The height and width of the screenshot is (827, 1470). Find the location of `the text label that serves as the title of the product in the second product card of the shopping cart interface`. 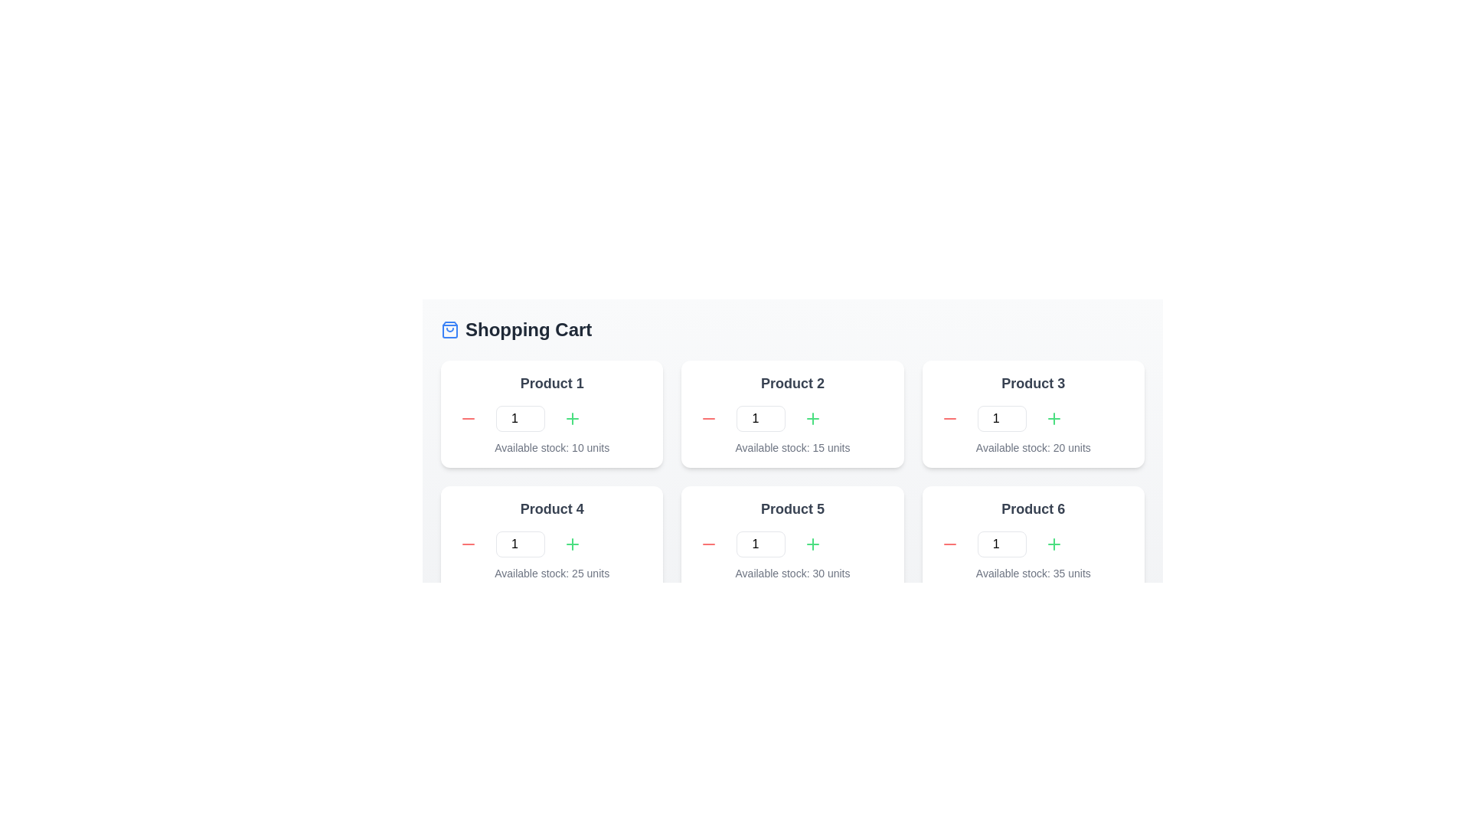

the text label that serves as the title of the product in the second product card of the shopping cart interface is located at coordinates (792, 383).